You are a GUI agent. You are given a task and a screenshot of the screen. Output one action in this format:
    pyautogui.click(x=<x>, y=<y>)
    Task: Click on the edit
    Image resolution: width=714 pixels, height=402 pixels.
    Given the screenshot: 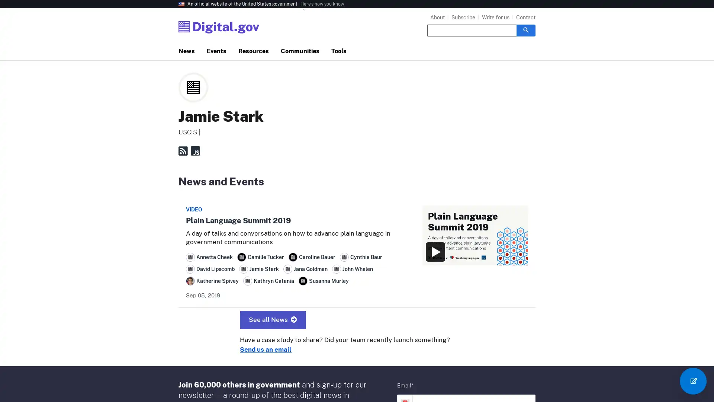 What is the action you would take?
    pyautogui.click(x=692, y=381)
    